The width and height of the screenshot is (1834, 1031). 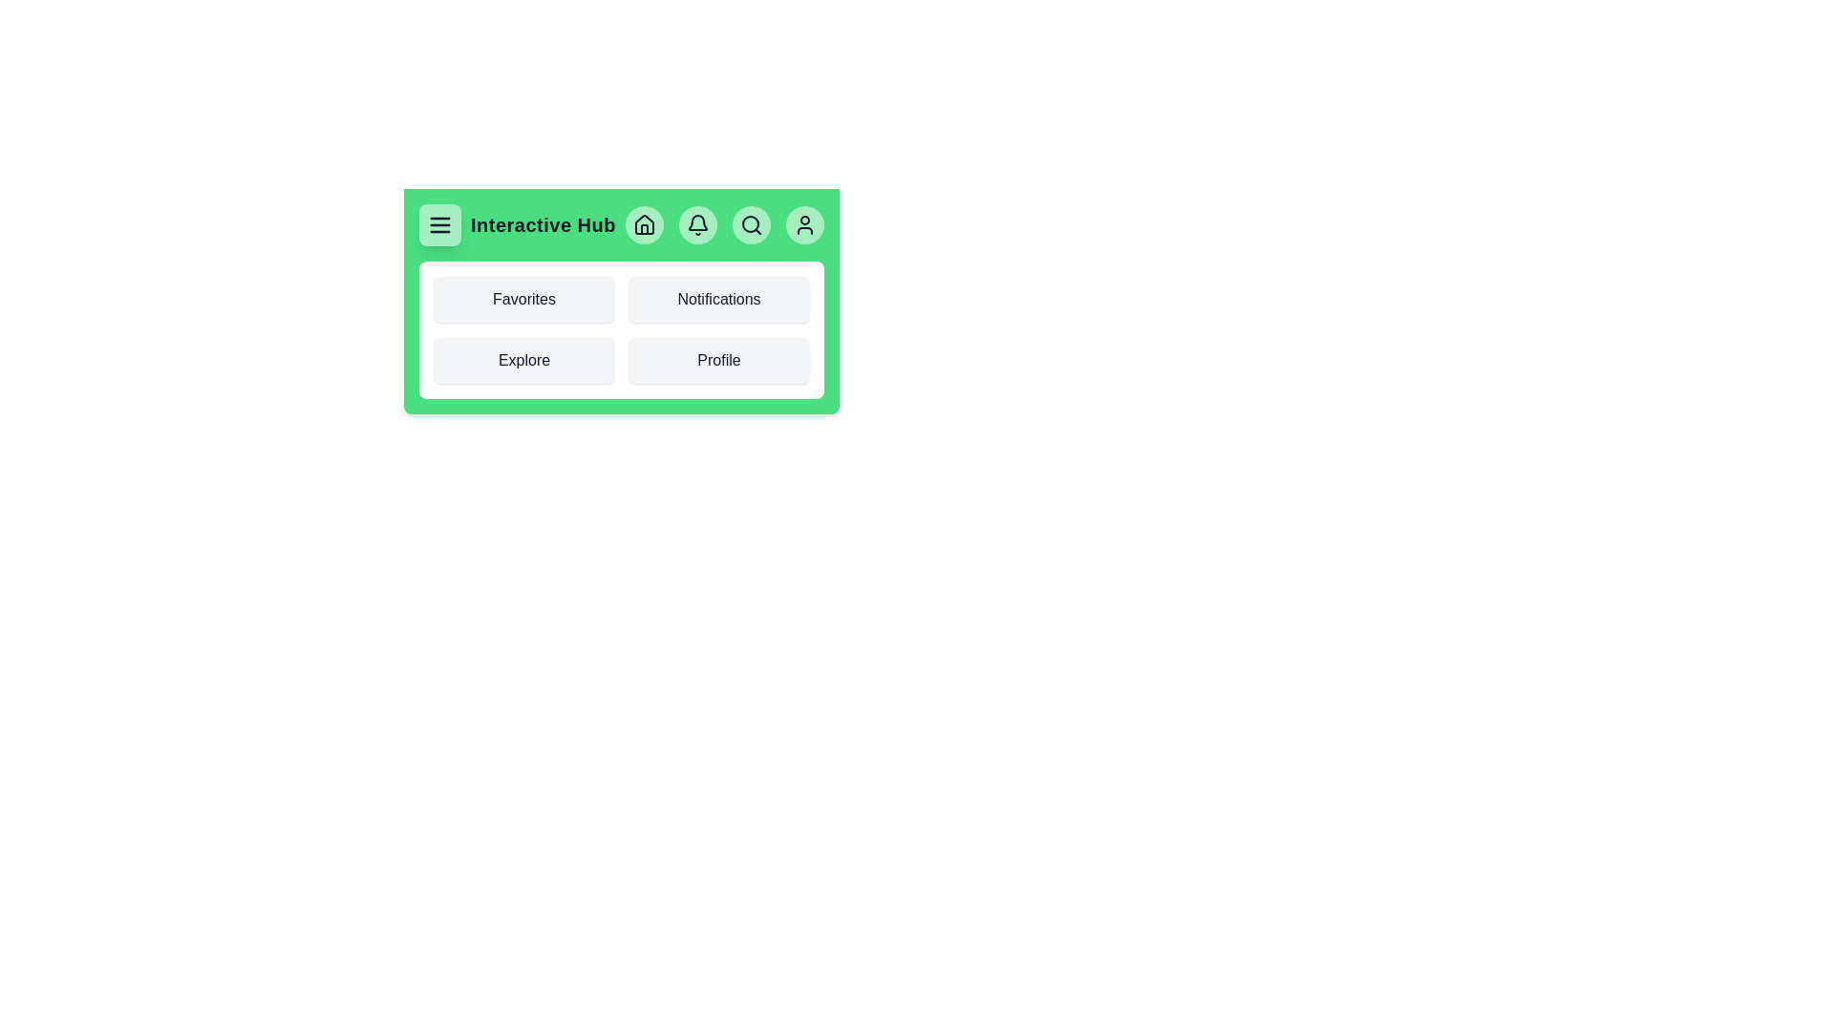 I want to click on the Explore navigation button, so click(x=523, y=361).